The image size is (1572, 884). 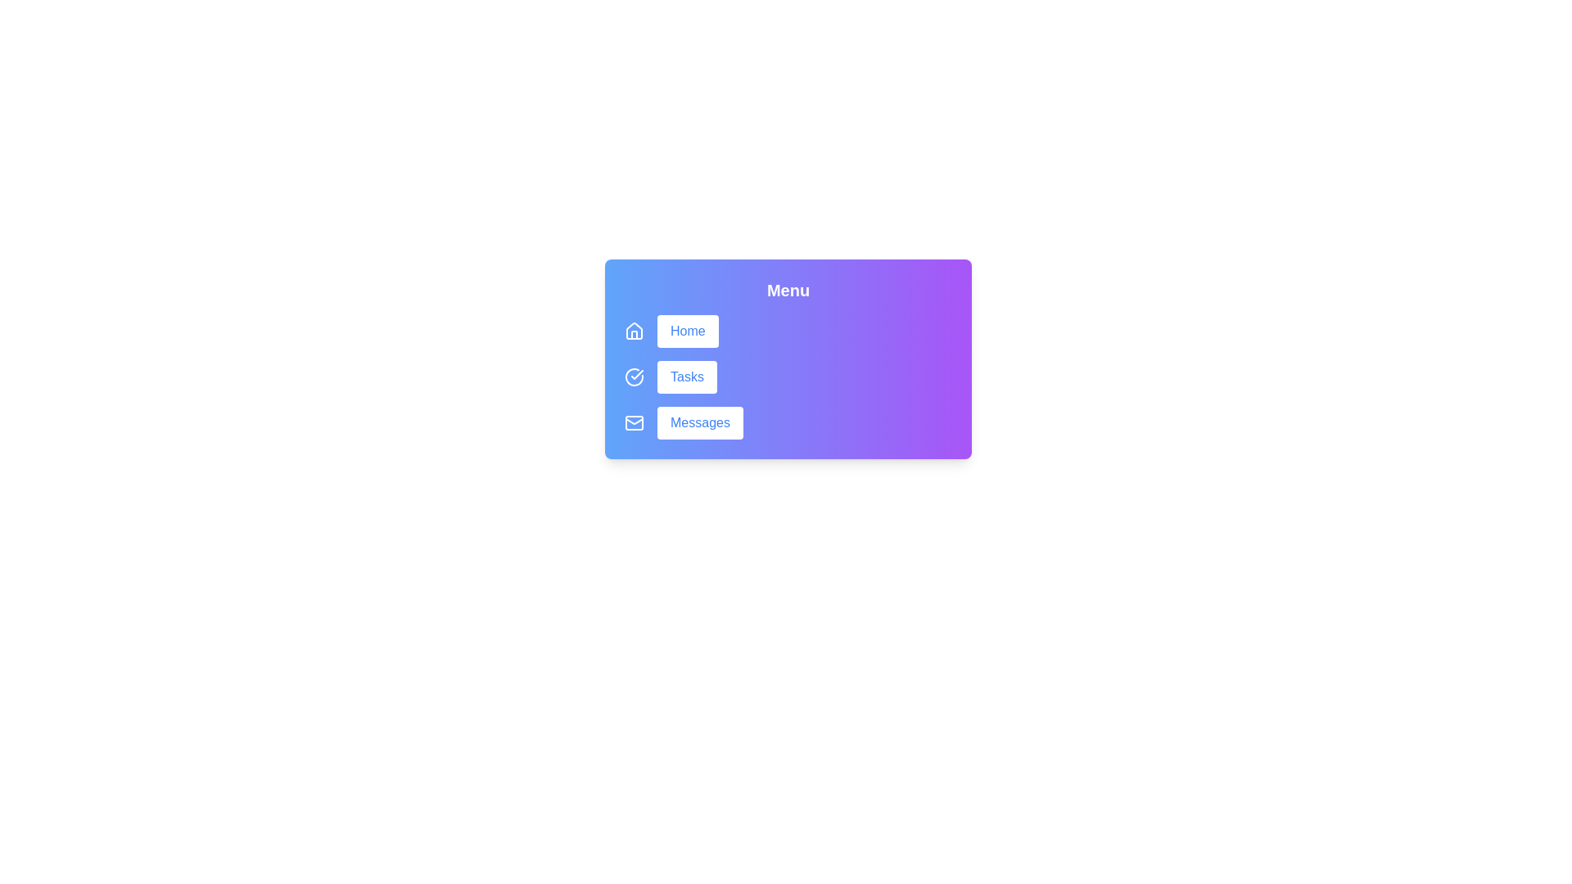 What do you see at coordinates (633, 422) in the screenshot?
I see `the icon beside the Messages button` at bounding box center [633, 422].